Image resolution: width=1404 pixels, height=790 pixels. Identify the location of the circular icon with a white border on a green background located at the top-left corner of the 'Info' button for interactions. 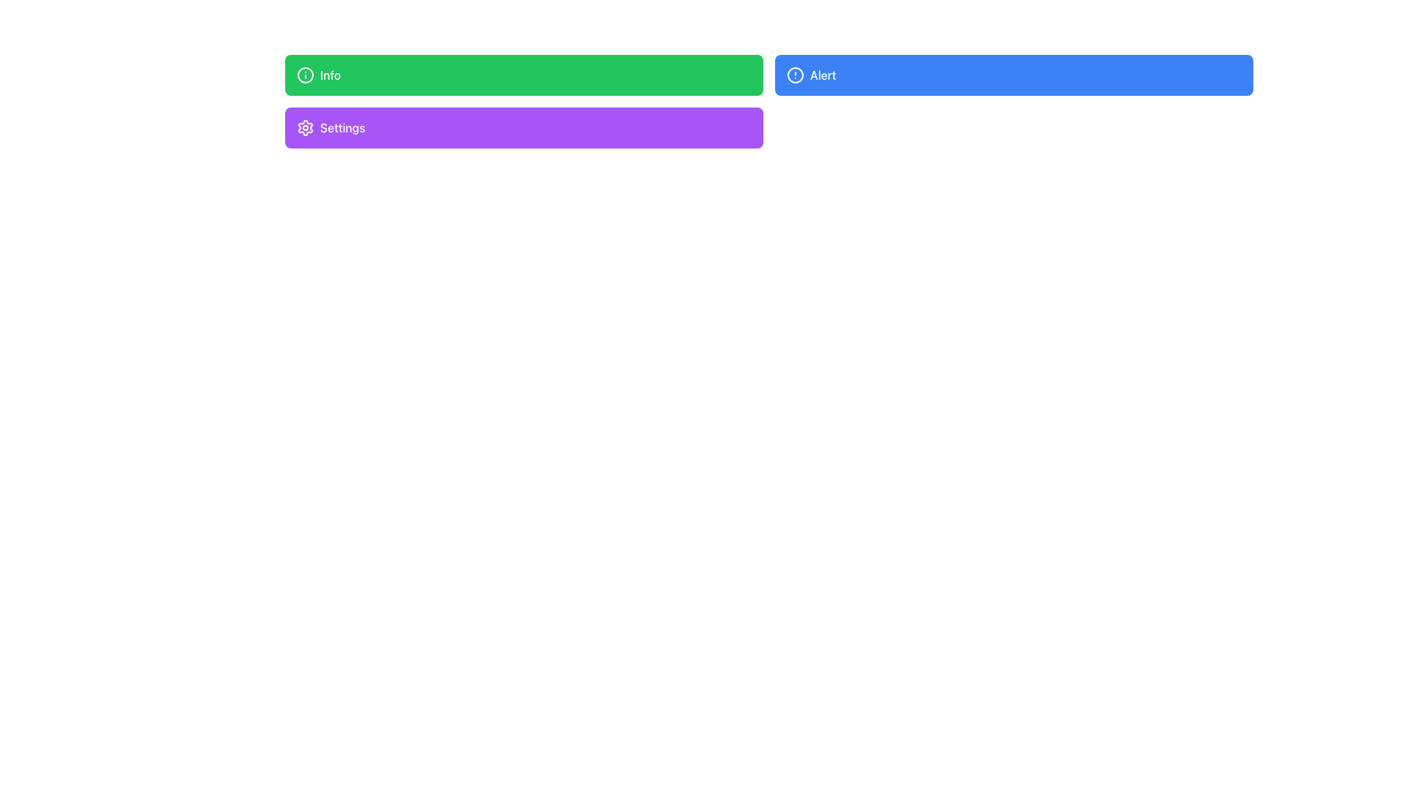
(304, 75).